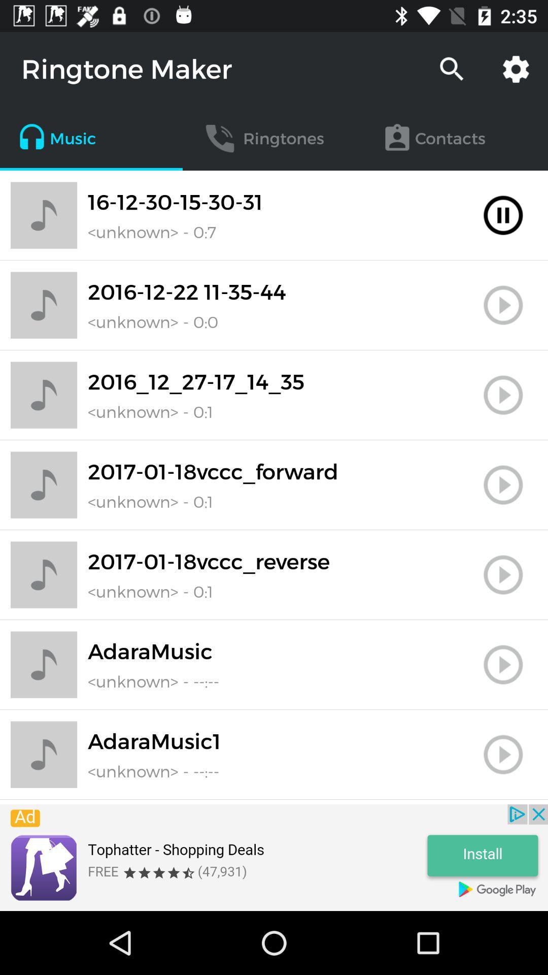 The image size is (548, 975). What do you see at coordinates (503, 665) in the screenshot?
I see `pay option` at bounding box center [503, 665].